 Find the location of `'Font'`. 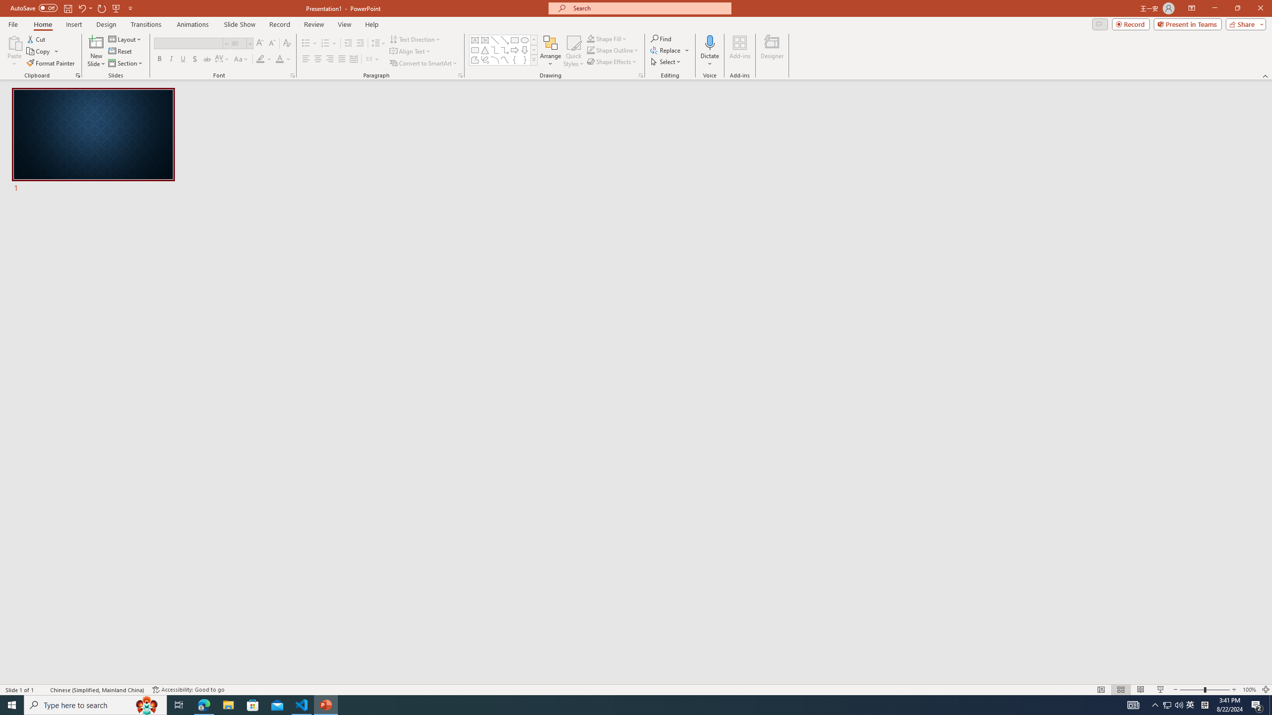

'Font' is located at coordinates (188, 43).